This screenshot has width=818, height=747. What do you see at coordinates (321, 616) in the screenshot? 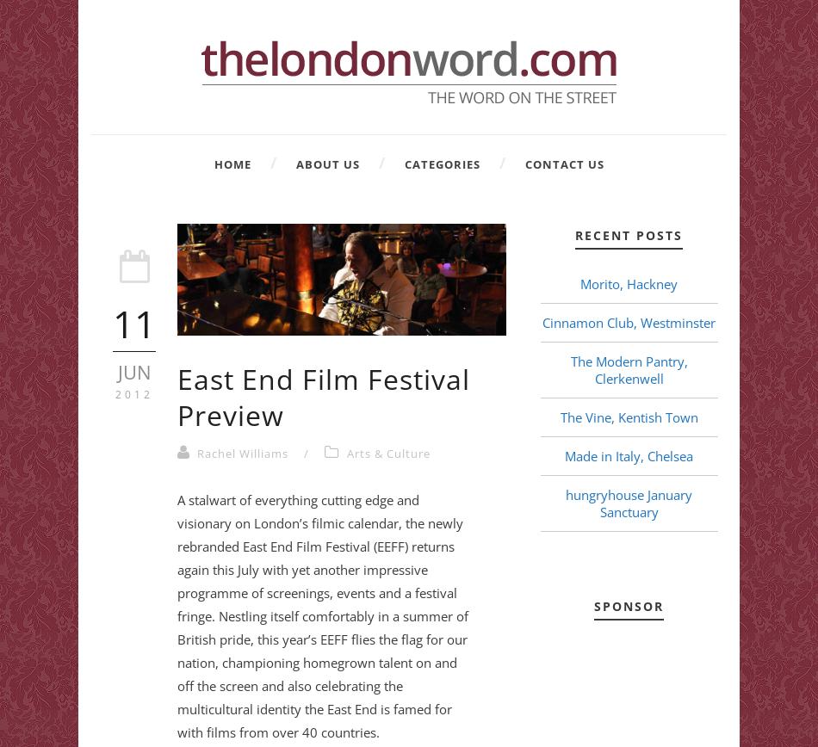
I see `'A stalwart of everything cutting edge and visionary on London’s filmic calendar, the newly rebranded East End Film Festival (EEFF) returns again this July with yet another impressive programme of screenings, events and a festival fringe. Nestling itself comfortably in a summer of British pride, this year’s EEFF flies the flag for our nation, championing homegrown talent on and off the screen and also celebrating the multicultural identity the East End is famed for with films from over 40 countries.'` at bounding box center [321, 616].